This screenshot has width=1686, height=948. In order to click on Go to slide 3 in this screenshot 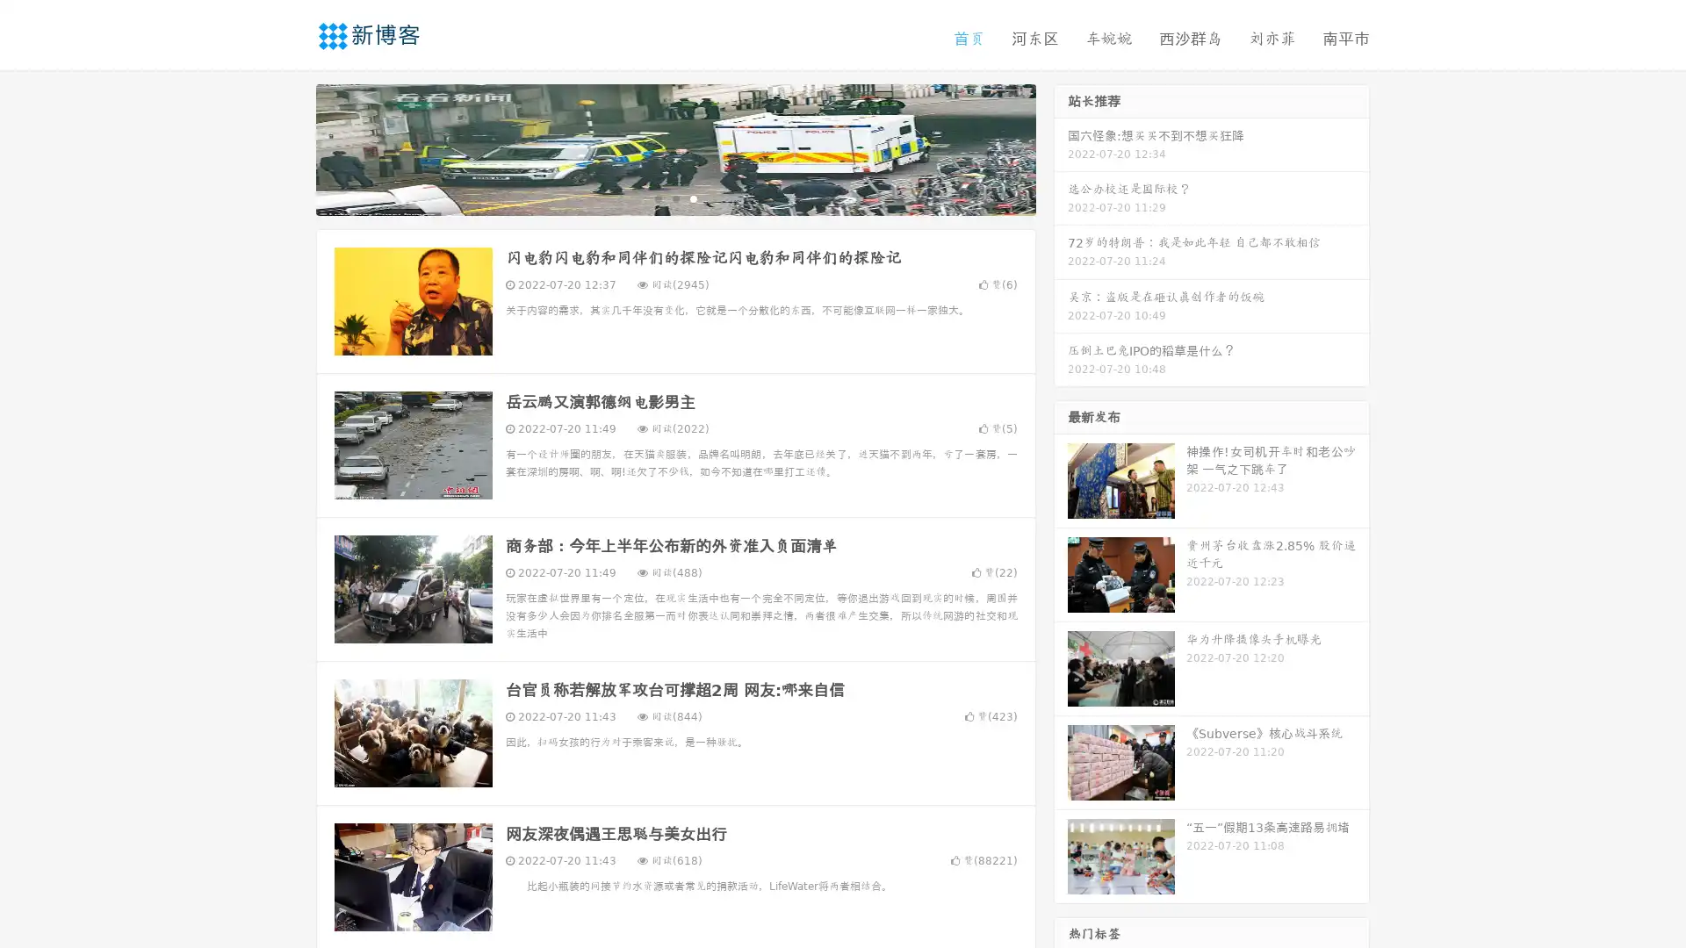, I will do `click(693, 197)`.